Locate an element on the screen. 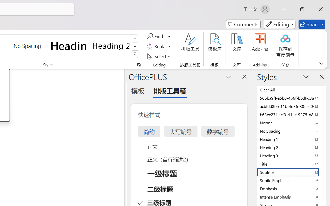 This screenshot has height=206, width=330. 'Clear All' is located at coordinates (291, 90).